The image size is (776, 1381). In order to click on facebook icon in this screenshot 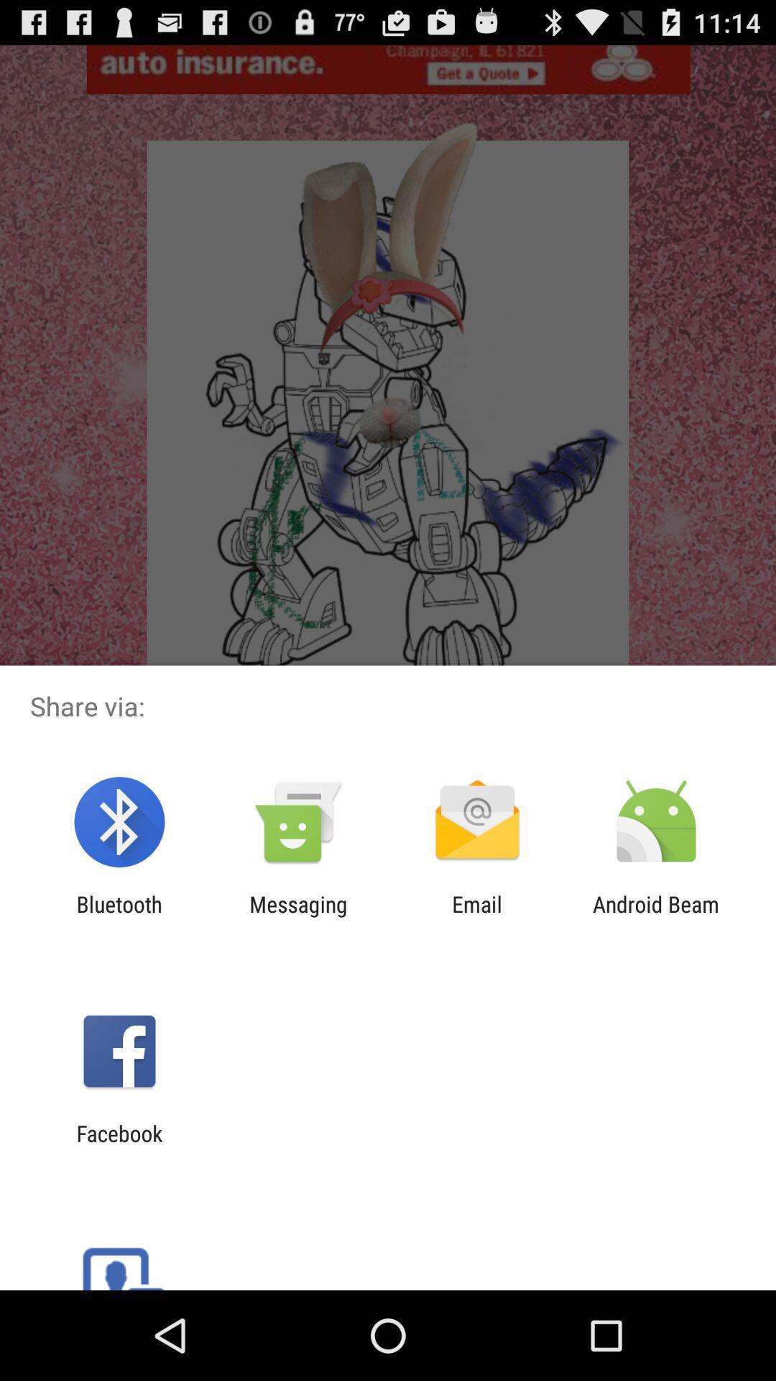, I will do `click(119, 1145)`.